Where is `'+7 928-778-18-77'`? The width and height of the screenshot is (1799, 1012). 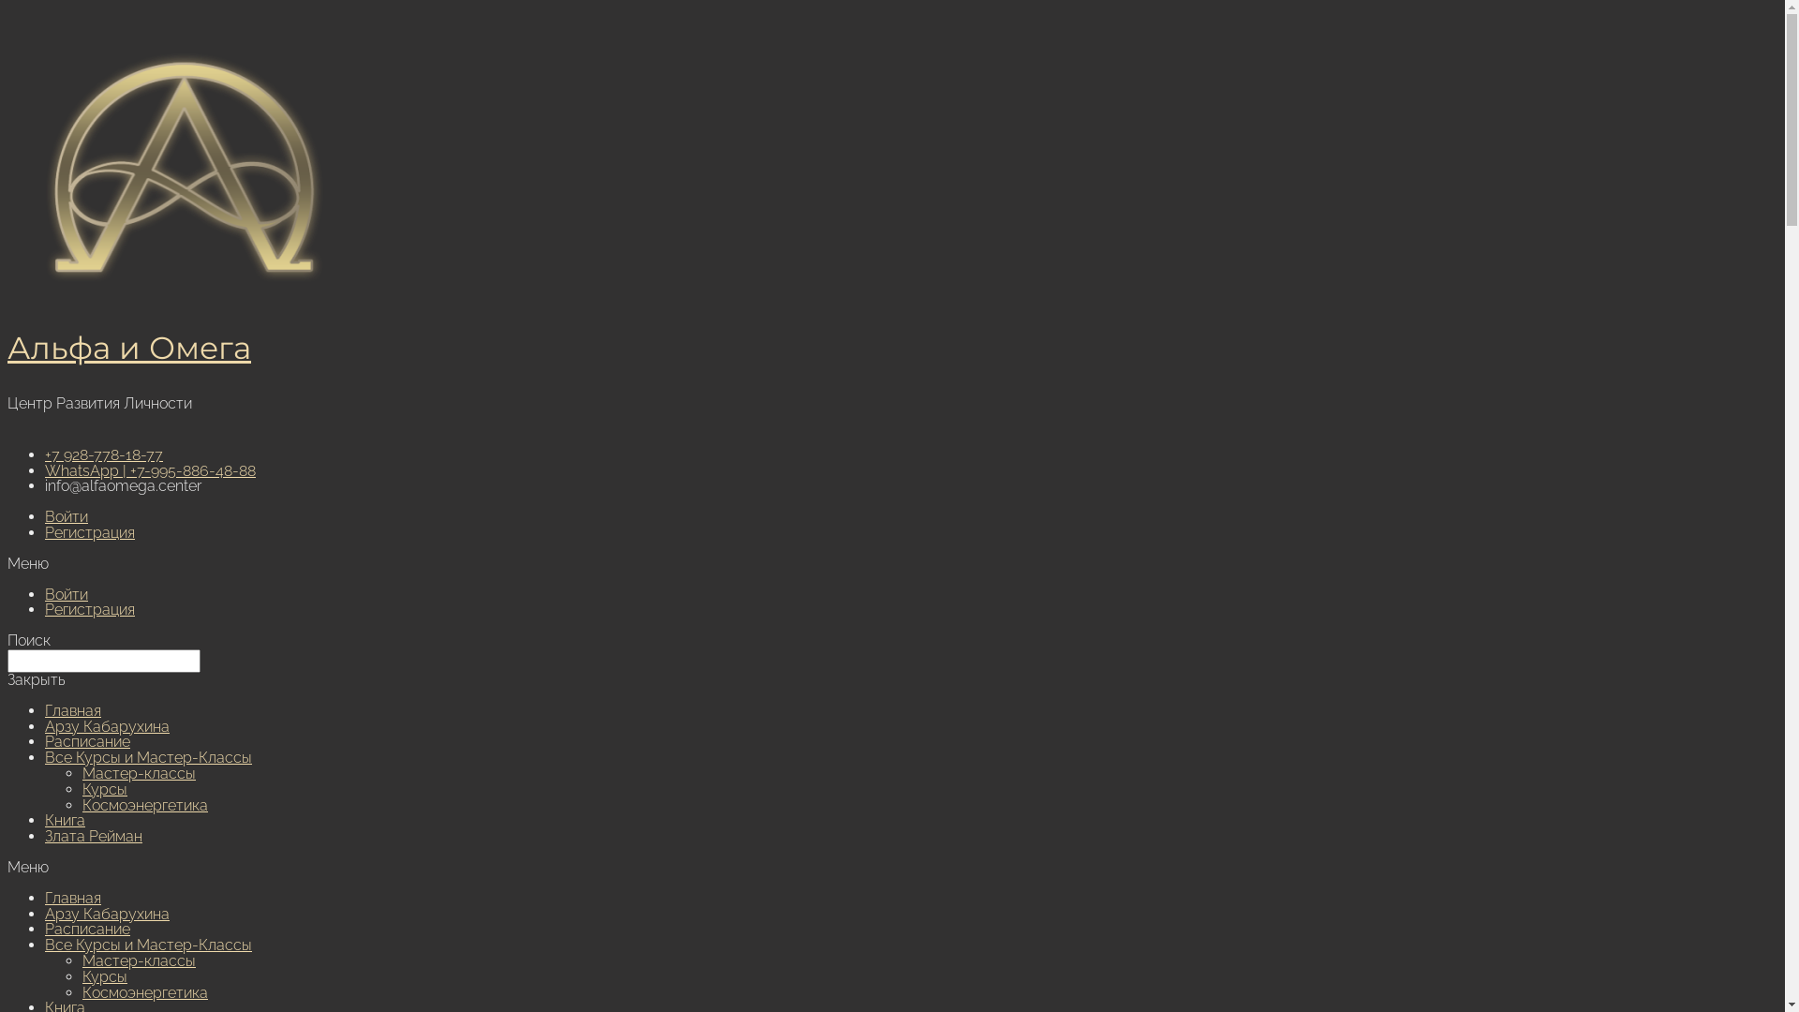
'+7 928-778-18-77' is located at coordinates (102, 454).